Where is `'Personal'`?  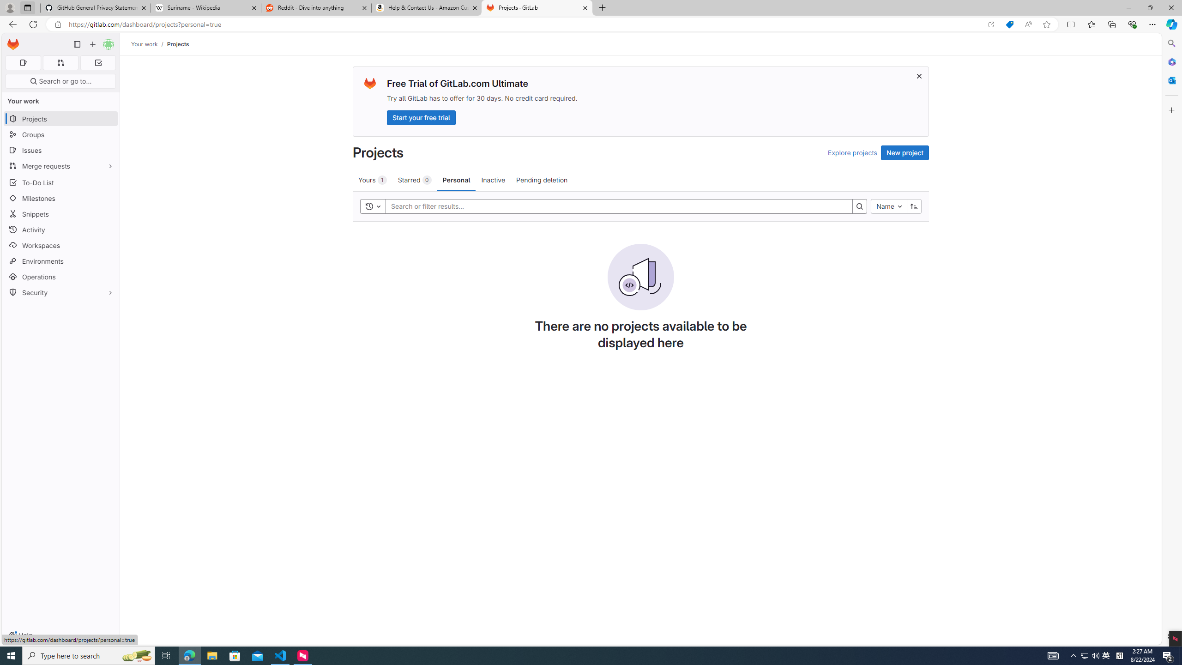 'Personal' is located at coordinates (456, 179).